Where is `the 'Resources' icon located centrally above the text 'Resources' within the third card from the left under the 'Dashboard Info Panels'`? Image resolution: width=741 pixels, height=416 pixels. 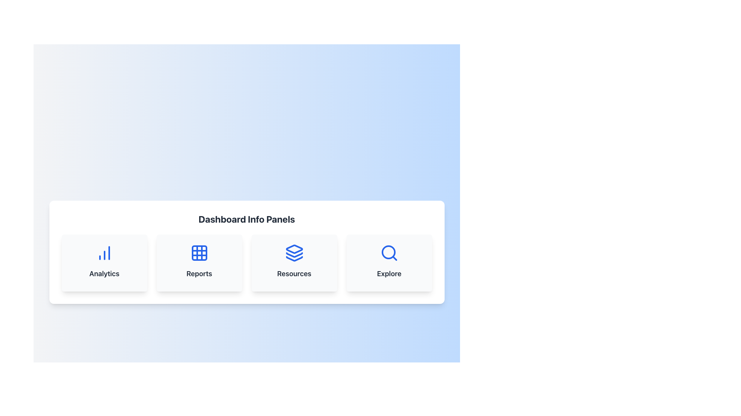 the 'Resources' icon located centrally above the text 'Resources' within the third card from the left under the 'Dashboard Info Panels' is located at coordinates (294, 253).